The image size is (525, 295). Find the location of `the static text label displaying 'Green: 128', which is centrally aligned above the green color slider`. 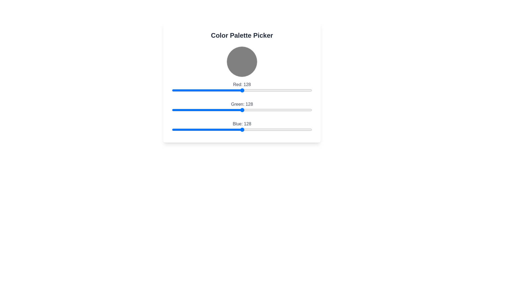

the static text label displaying 'Green: 128', which is centrally aligned above the green color slider is located at coordinates (241, 104).